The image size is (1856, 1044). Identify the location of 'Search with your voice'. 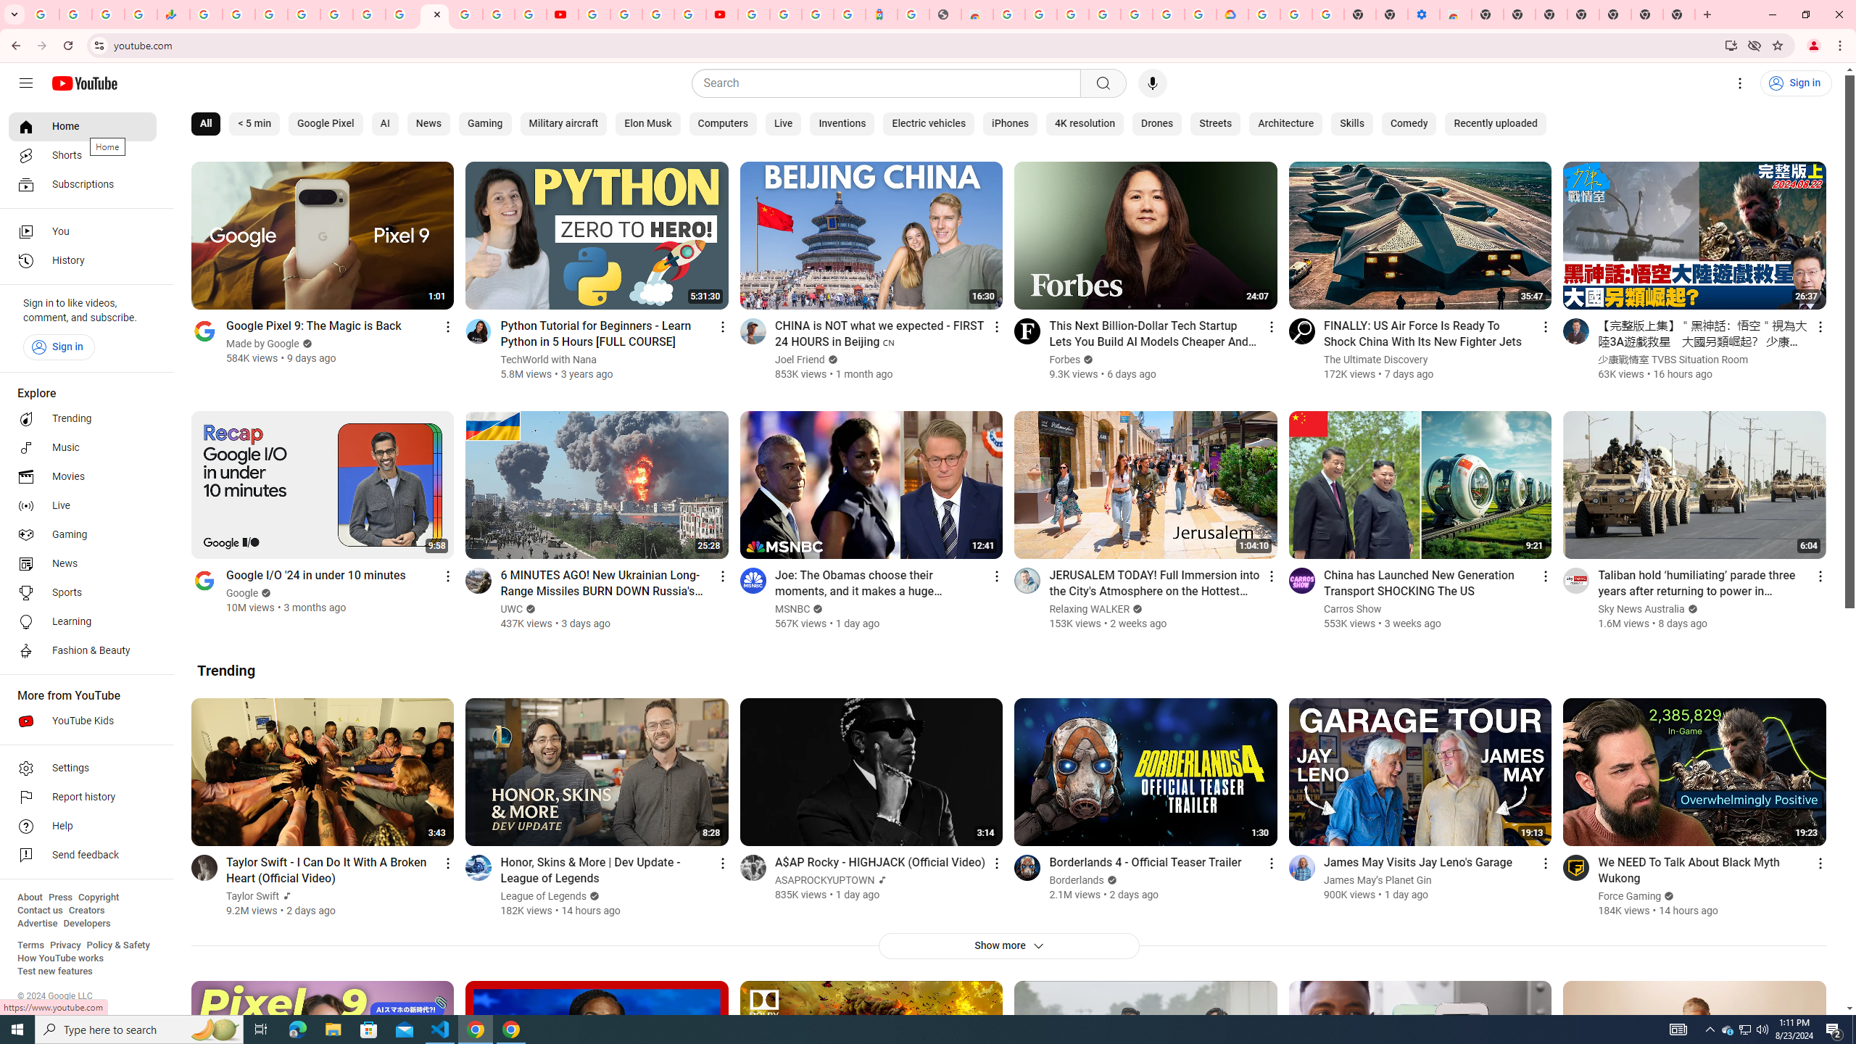
(1152, 83).